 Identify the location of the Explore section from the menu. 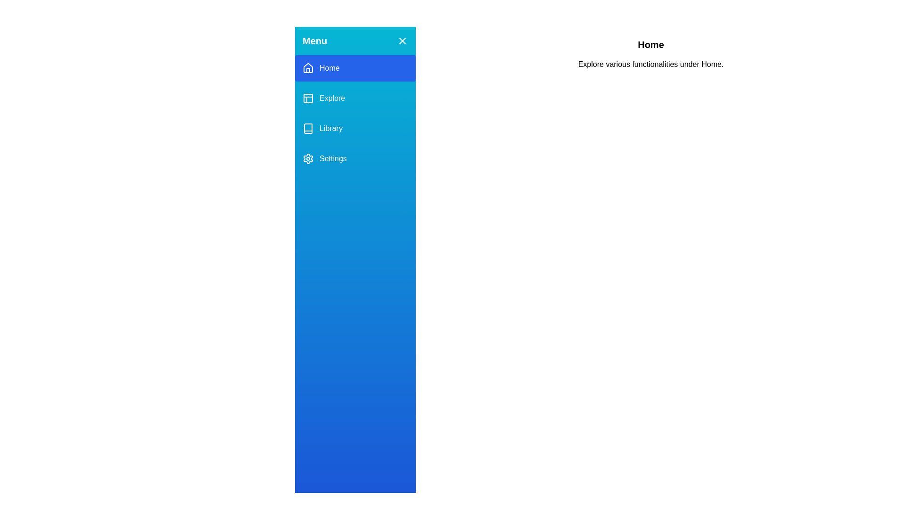
(354, 98).